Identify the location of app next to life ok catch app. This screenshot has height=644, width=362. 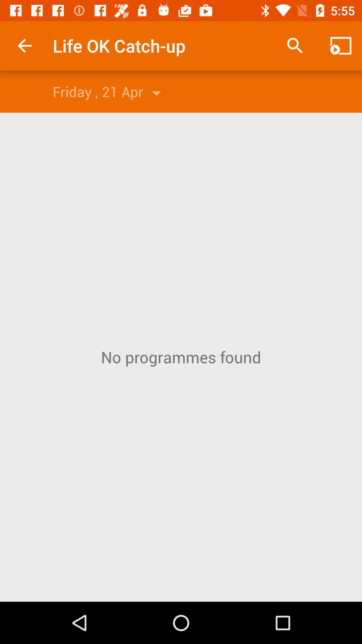
(24, 45).